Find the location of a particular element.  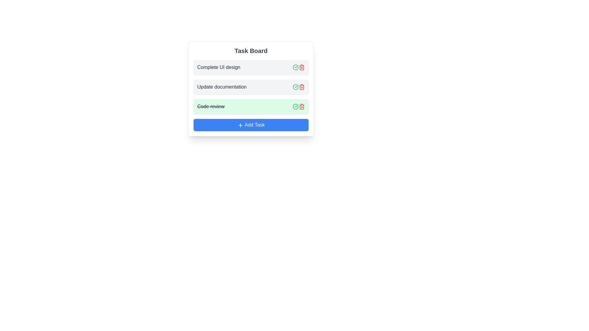

the delete button with a trash bin design located to the right of the 'Code review' task is located at coordinates (302, 106).